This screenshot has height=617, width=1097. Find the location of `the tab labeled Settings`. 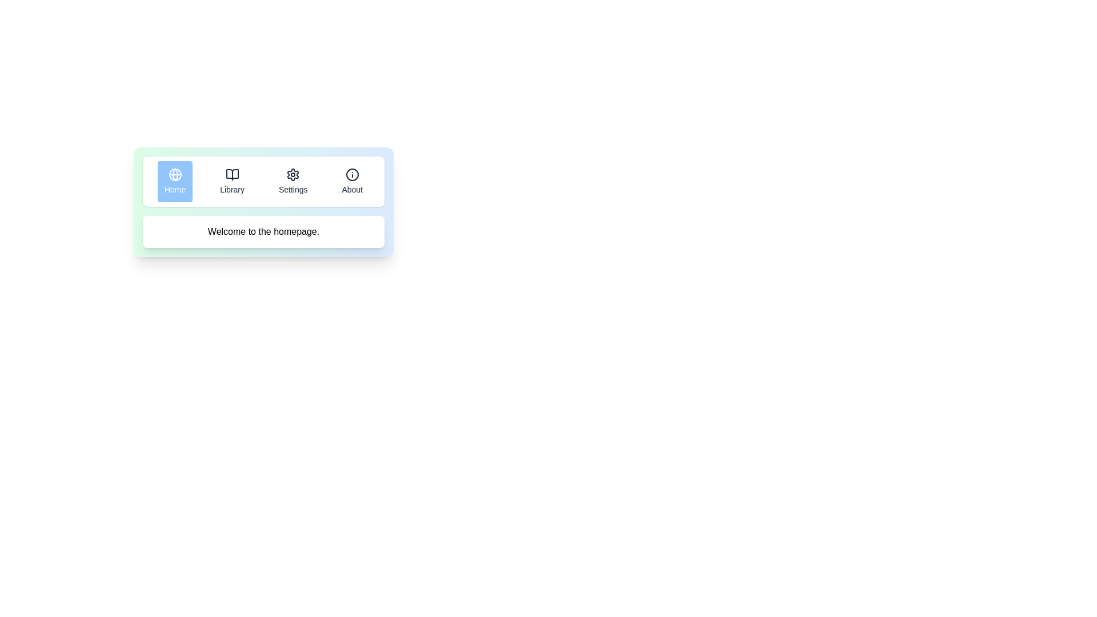

the tab labeled Settings is located at coordinates (293, 181).